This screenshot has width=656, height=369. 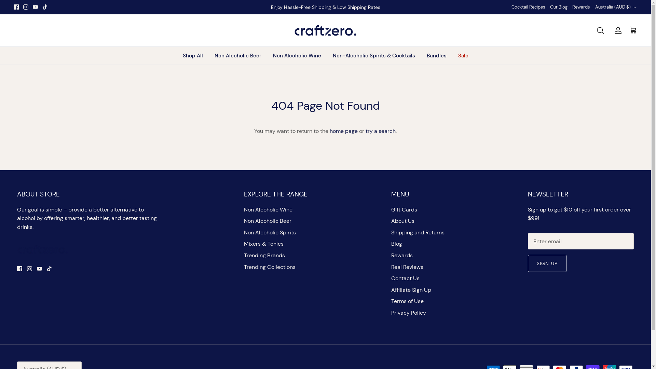 What do you see at coordinates (616, 30) in the screenshot?
I see `'Account'` at bounding box center [616, 30].